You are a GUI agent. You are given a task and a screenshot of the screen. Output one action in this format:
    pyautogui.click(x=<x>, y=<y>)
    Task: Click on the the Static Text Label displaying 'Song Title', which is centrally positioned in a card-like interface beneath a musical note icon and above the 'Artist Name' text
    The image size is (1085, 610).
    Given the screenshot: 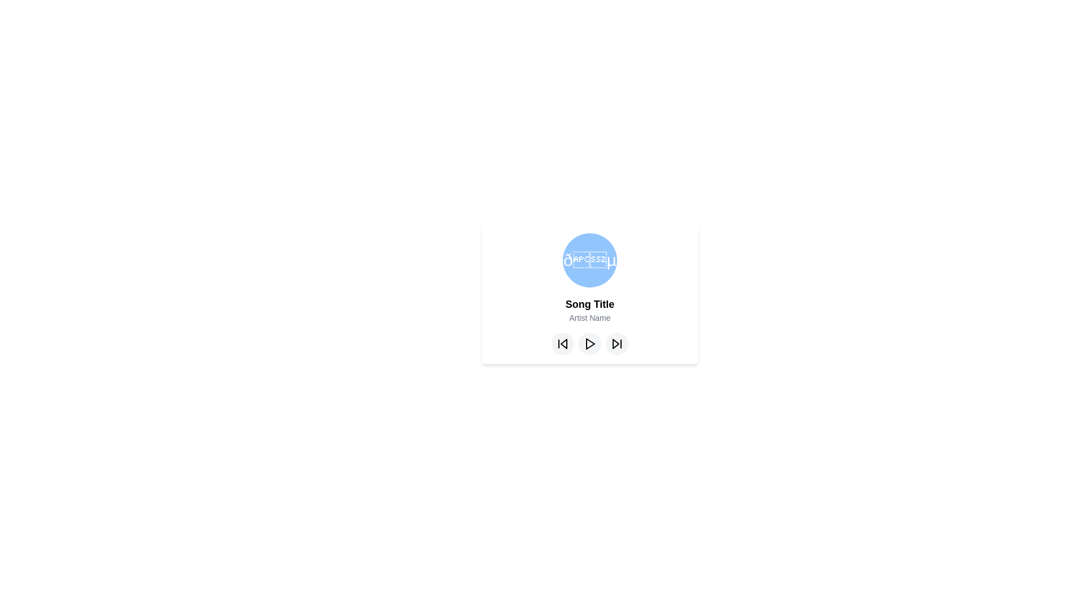 What is the action you would take?
    pyautogui.click(x=589, y=304)
    